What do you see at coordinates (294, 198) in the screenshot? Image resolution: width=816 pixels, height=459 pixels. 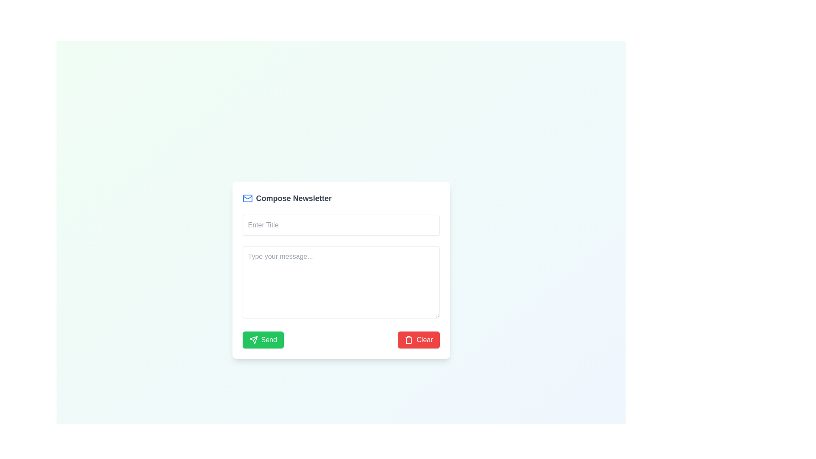 I see `text from the header element that serves as a title for the form, located at the center of the top section of the form area` at bounding box center [294, 198].